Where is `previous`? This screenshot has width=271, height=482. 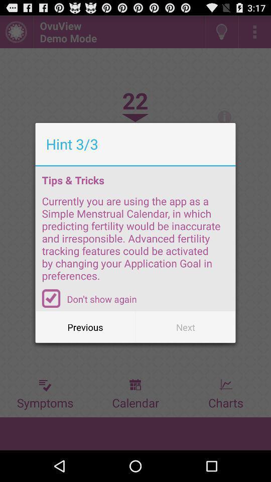 previous is located at coordinates (85, 326).